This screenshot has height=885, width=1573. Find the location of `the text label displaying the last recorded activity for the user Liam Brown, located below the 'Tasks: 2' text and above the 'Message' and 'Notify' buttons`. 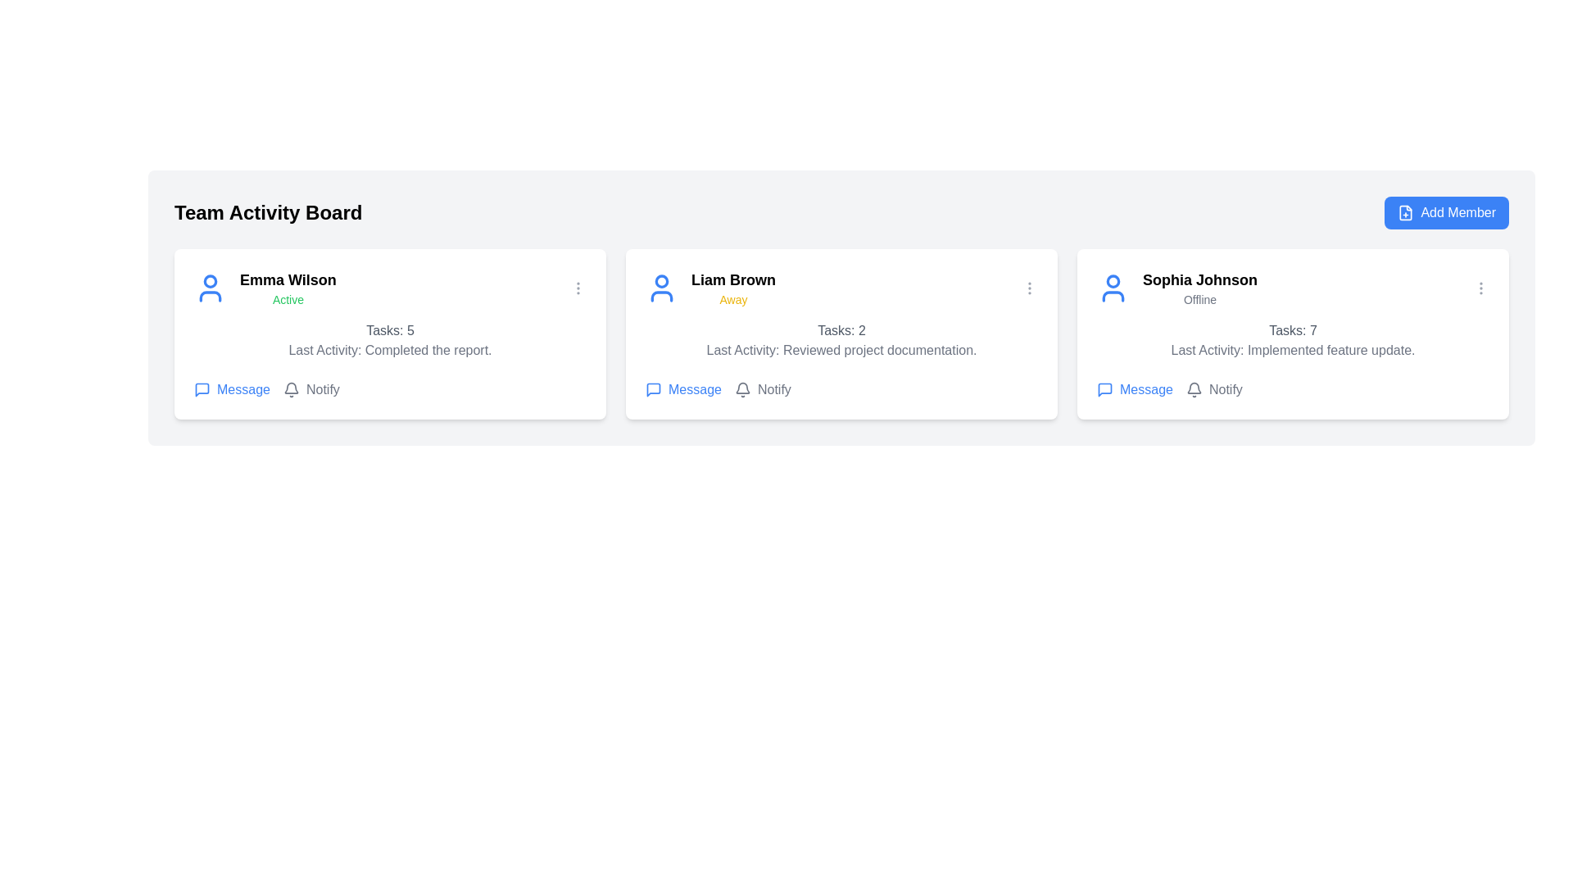

the text label displaying the last recorded activity for the user Liam Brown, located below the 'Tasks: 2' text and above the 'Message' and 'Notify' buttons is located at coordinates (841, 350).